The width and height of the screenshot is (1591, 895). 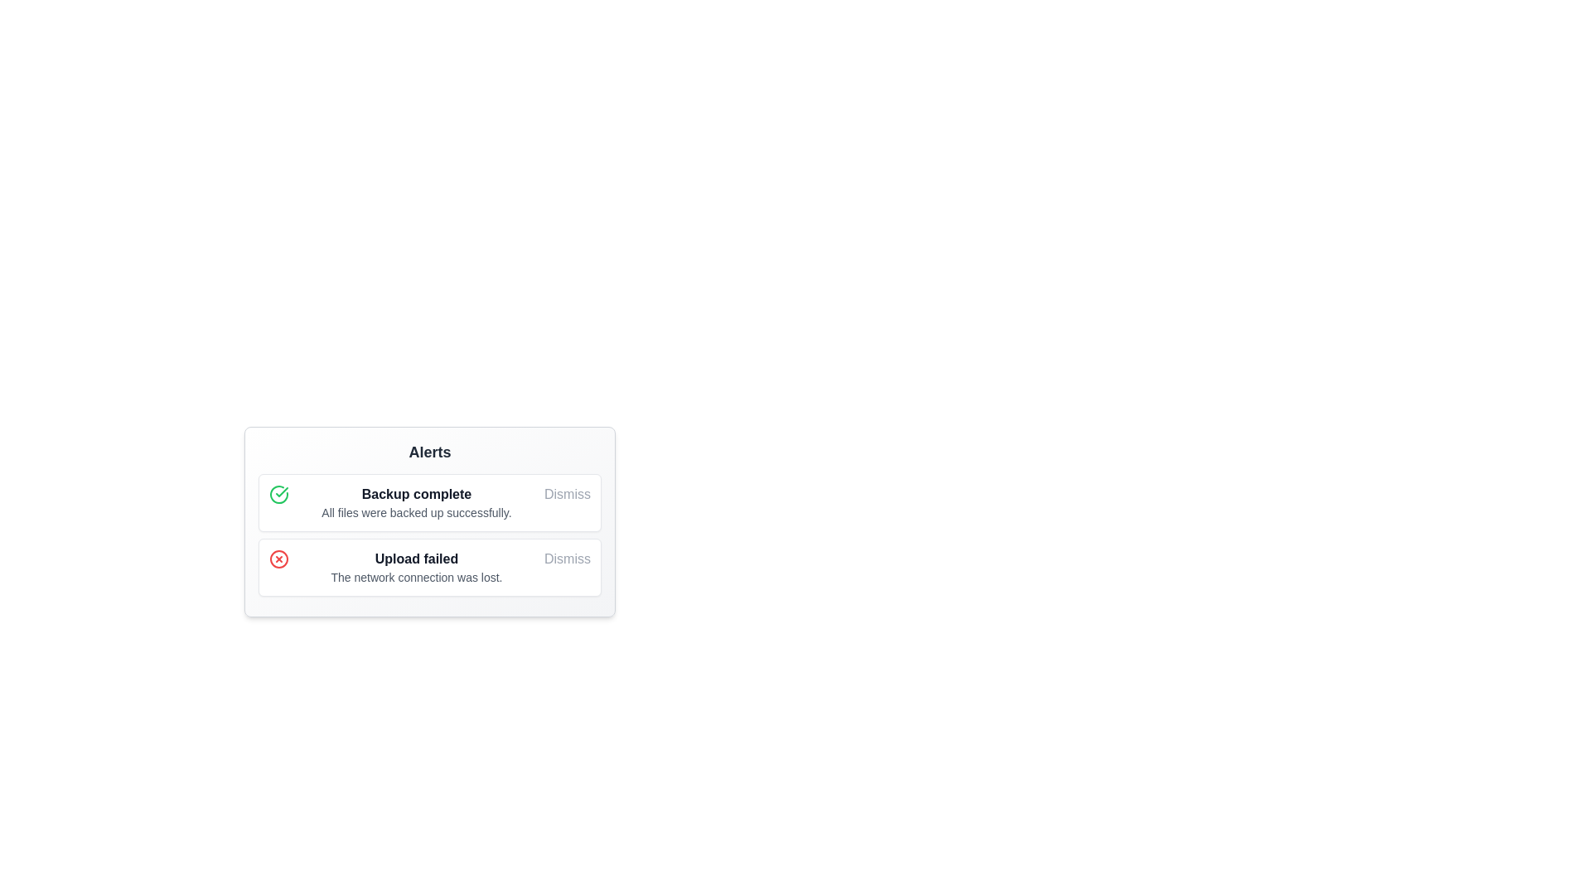 I want to click on the error indicator icon located to the left of the 'Upload failed' message in the alert section, so click(x=278, y=559).